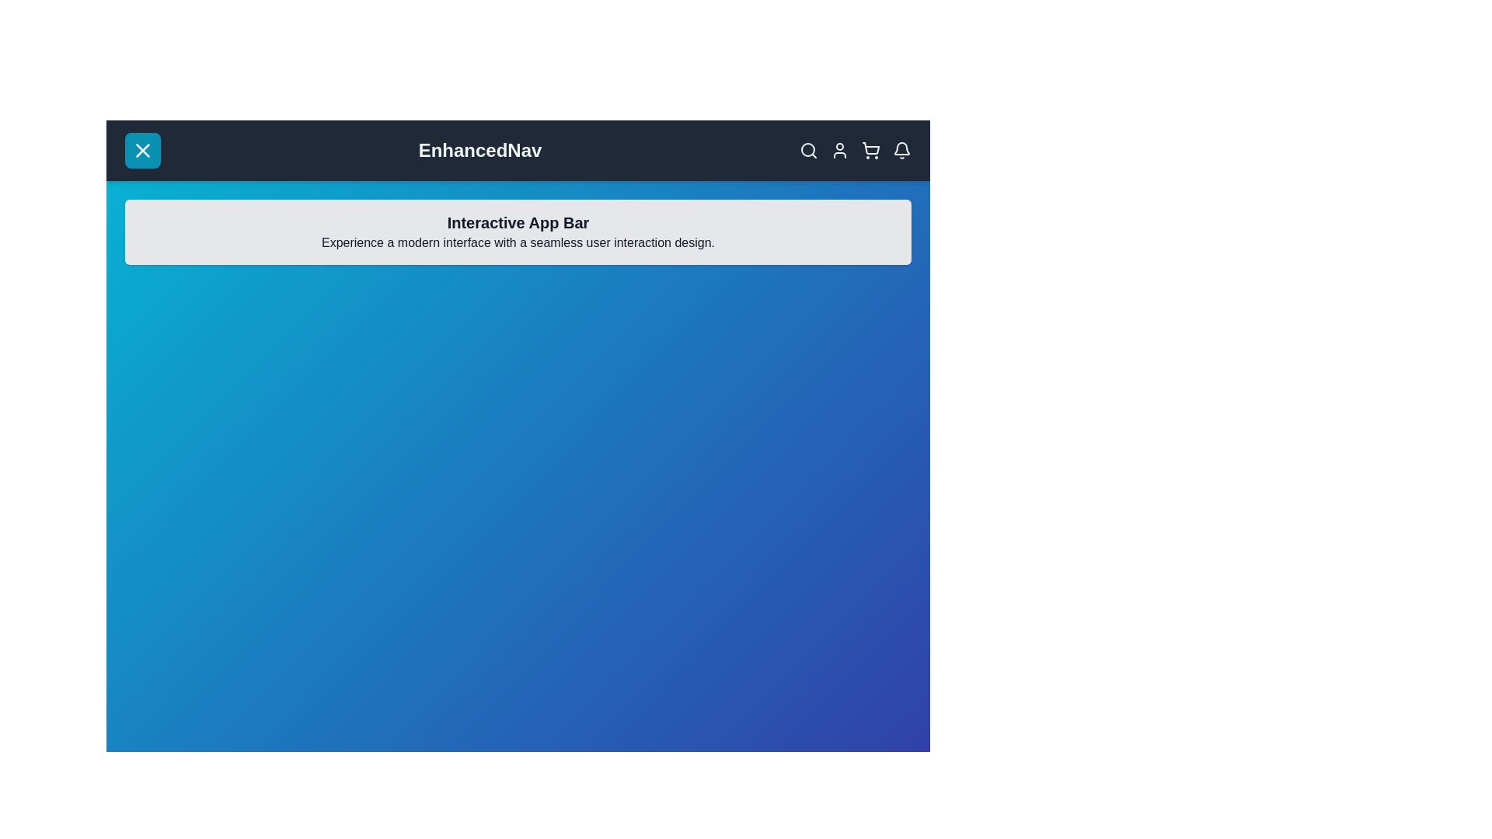 Image resolution: width=1492 pixels, height=839 pixels. What do you see at coordinates (838, 150) in the screenshot?
I see `the icon user to observe its hover effect` at bounding box center [838, 150].